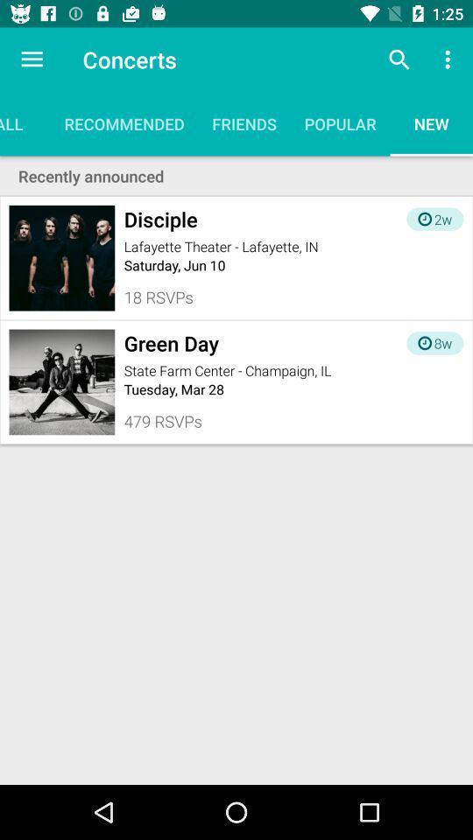 The image size is (473, 840). What do you see at coordinates (32, 59) in the screenshot?
I see `icon above all` at bounding box center [32, 59].